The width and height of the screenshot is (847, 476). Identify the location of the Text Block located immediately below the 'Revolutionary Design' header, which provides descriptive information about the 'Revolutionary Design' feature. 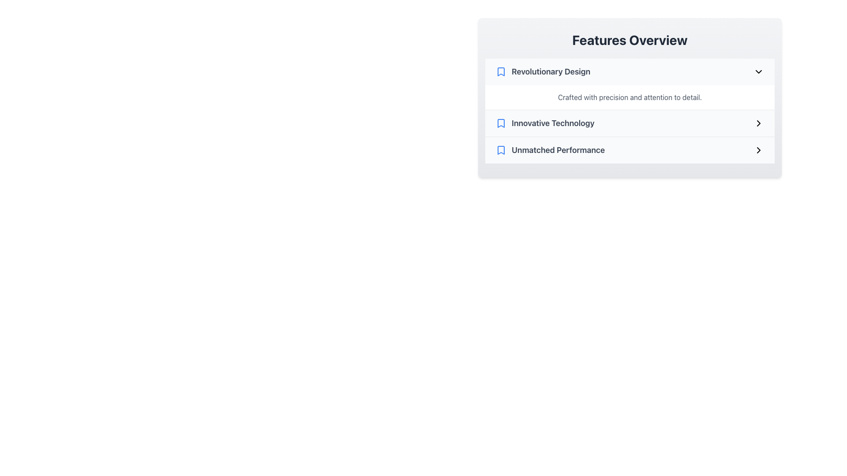
(630, 97).